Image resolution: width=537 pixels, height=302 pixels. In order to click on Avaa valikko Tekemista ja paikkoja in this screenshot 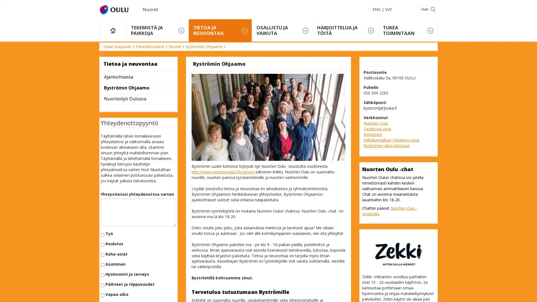, I will do `click(181, 30)`.